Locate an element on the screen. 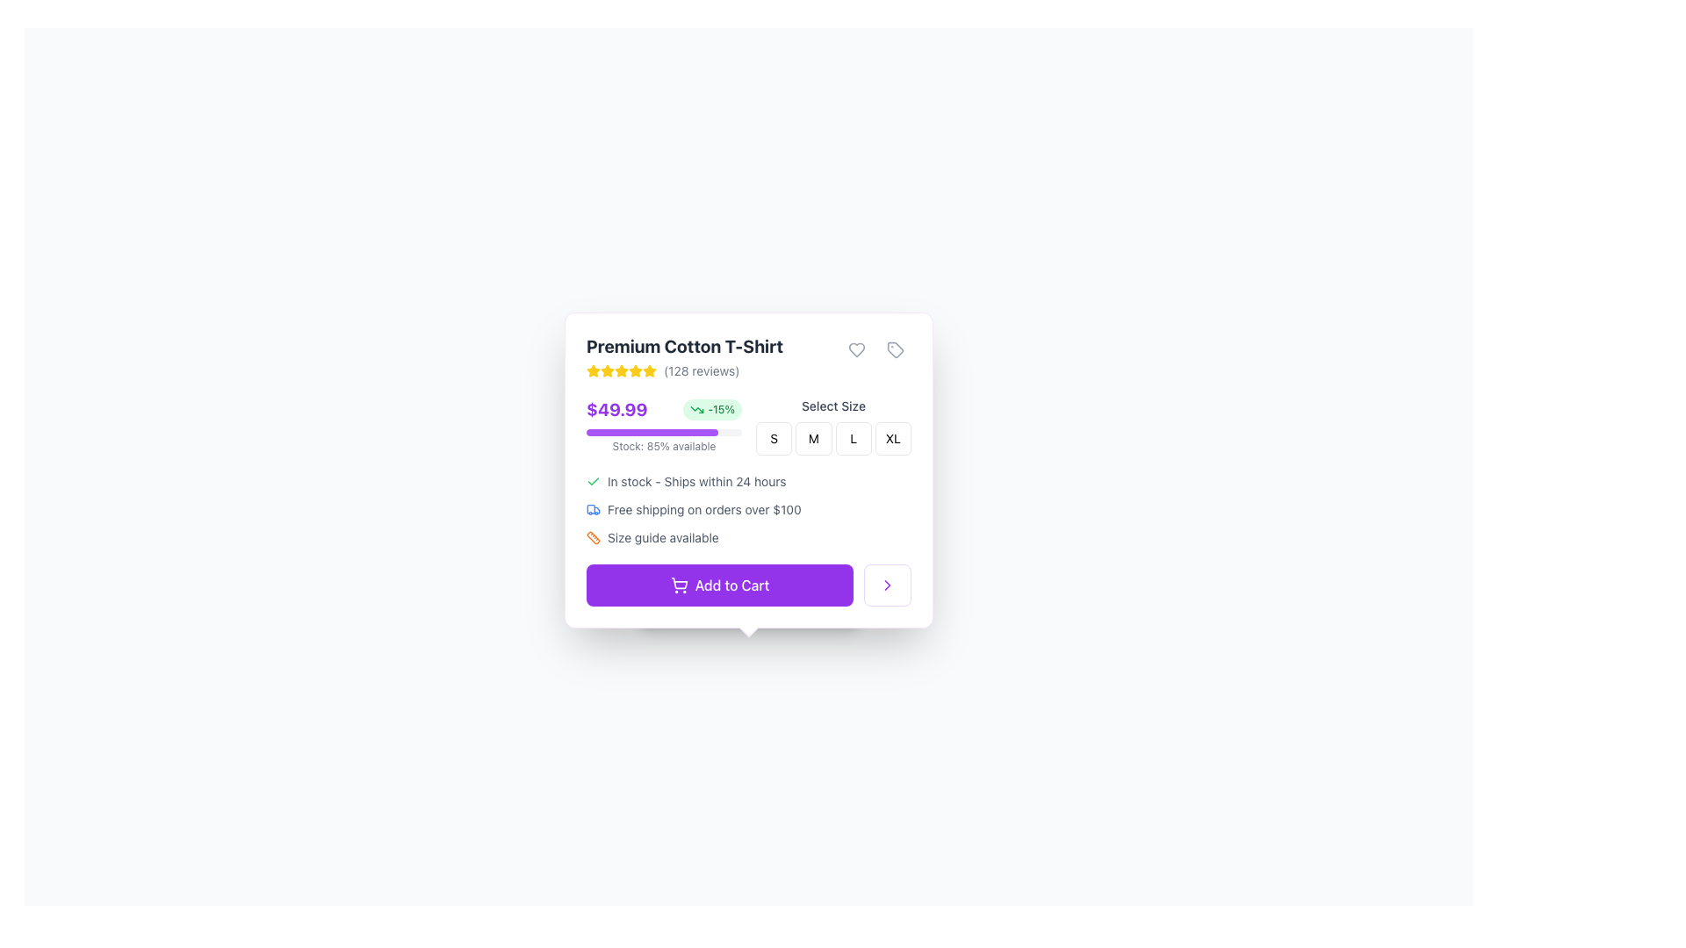  the product title and rating information section displaying 'Premium Cotton T-Shirt', its rating stars, and '128 reviews' is located at coordinates (683, 356).